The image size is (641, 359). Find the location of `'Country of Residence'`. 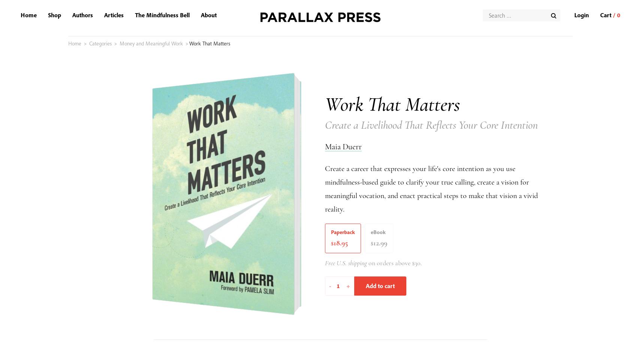

'Country of Residence' is located at coordinates (113, 351).